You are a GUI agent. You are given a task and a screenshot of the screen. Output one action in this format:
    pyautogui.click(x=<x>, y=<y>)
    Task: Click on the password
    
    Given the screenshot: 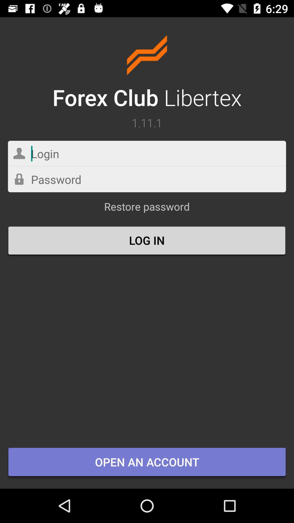 What is the action you would take?
    pyautogui.click(x=147, y=179)
    